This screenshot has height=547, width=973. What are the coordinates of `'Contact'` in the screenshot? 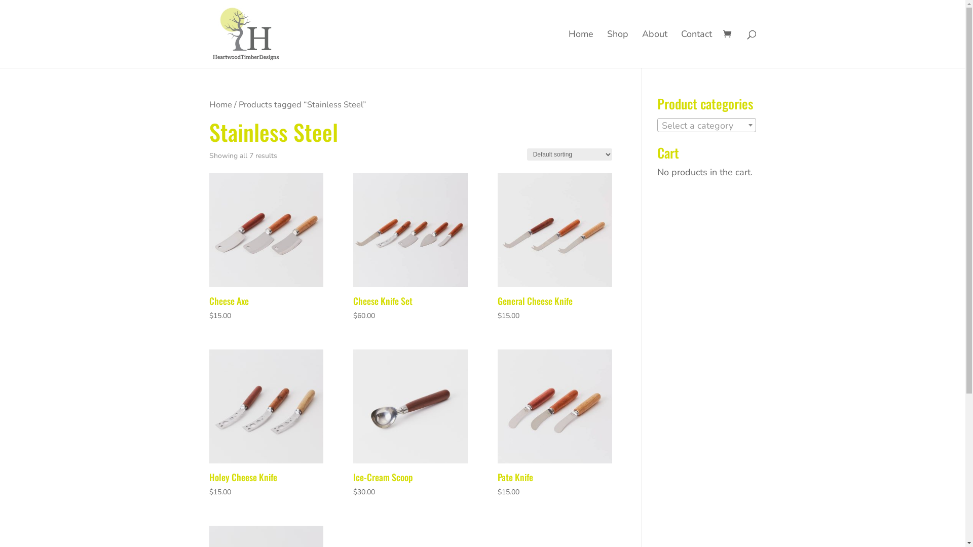 It's located at (681, 49).